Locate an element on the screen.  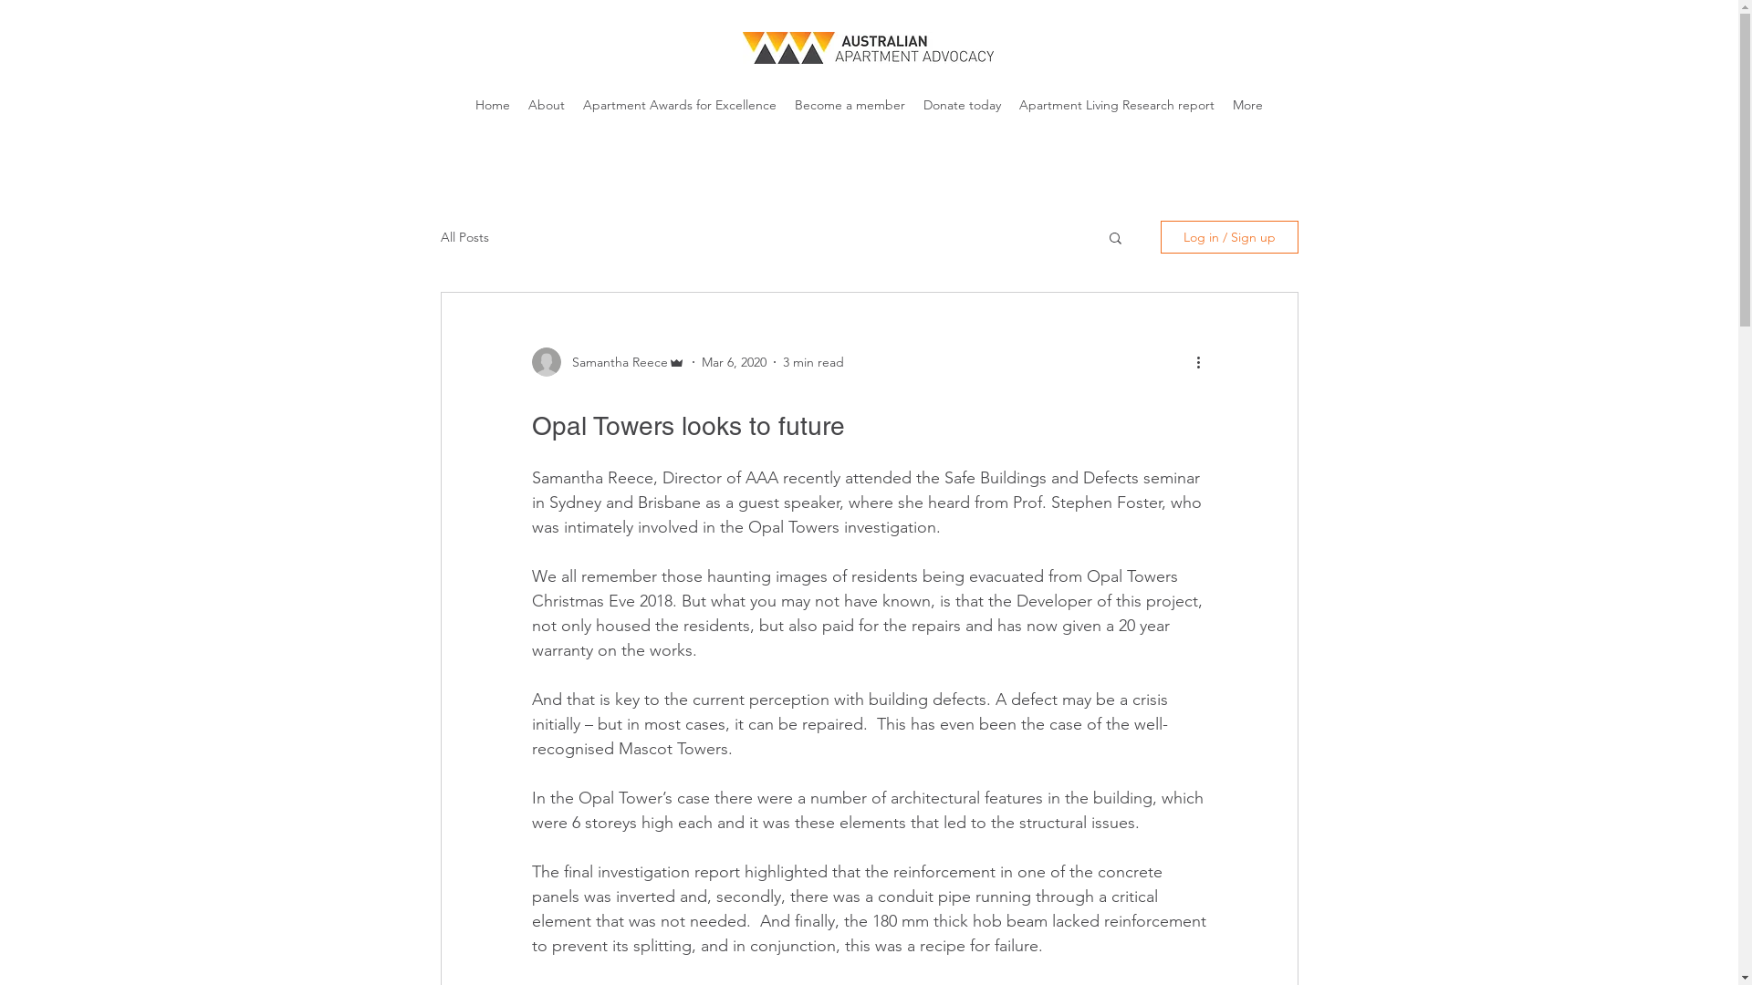
'Apartment Awards for Excellence' is located at coordinates (678, 105).